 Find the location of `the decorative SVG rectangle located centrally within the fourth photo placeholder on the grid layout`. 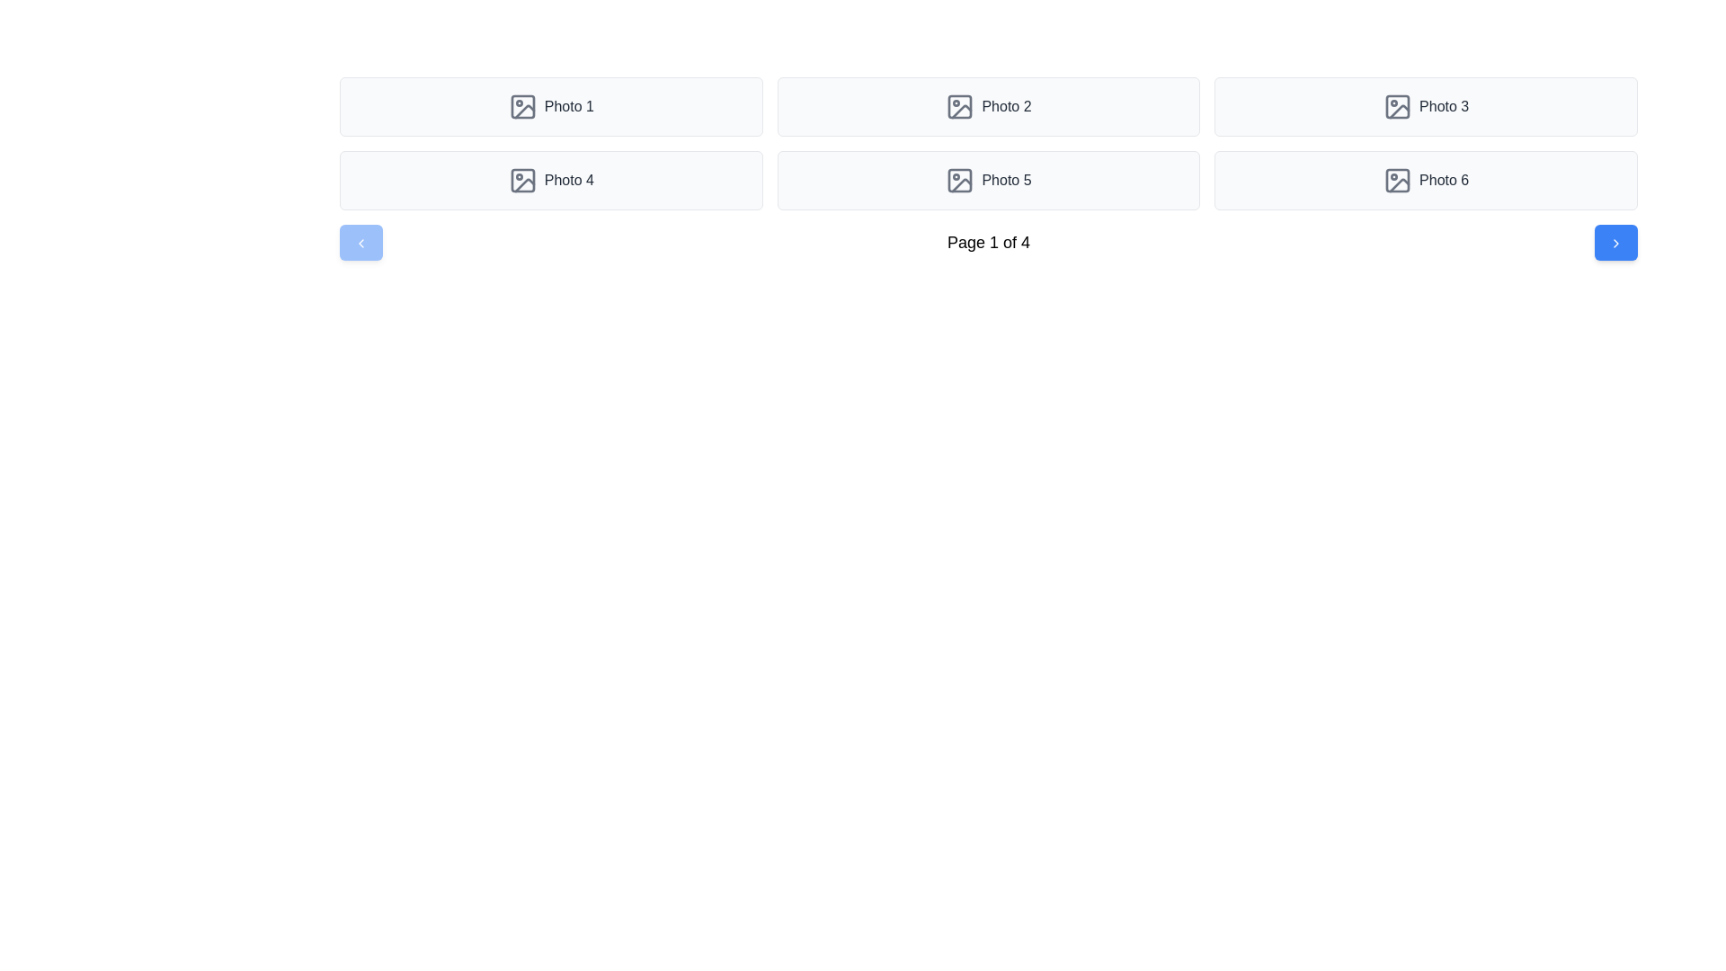

the decorative SVG rectangle located centrally within the fourth photo placeholder on the grid layout is located at coordinates (521, 180).